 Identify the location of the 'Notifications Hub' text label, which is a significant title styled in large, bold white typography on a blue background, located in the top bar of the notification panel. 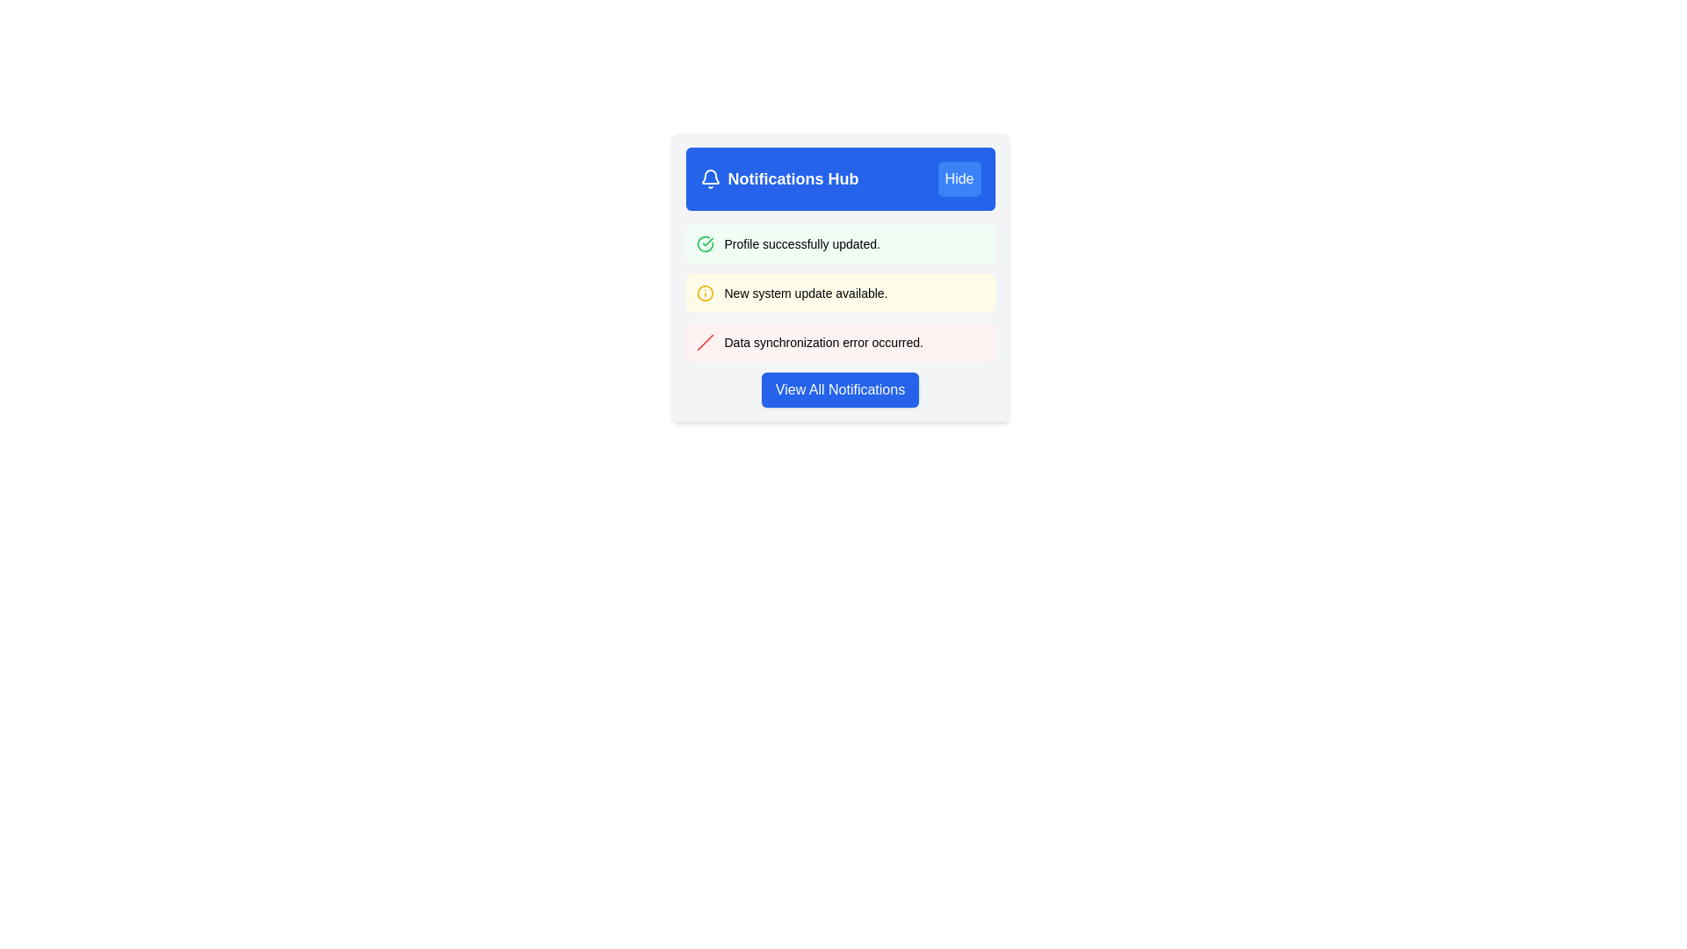
(792, 179).